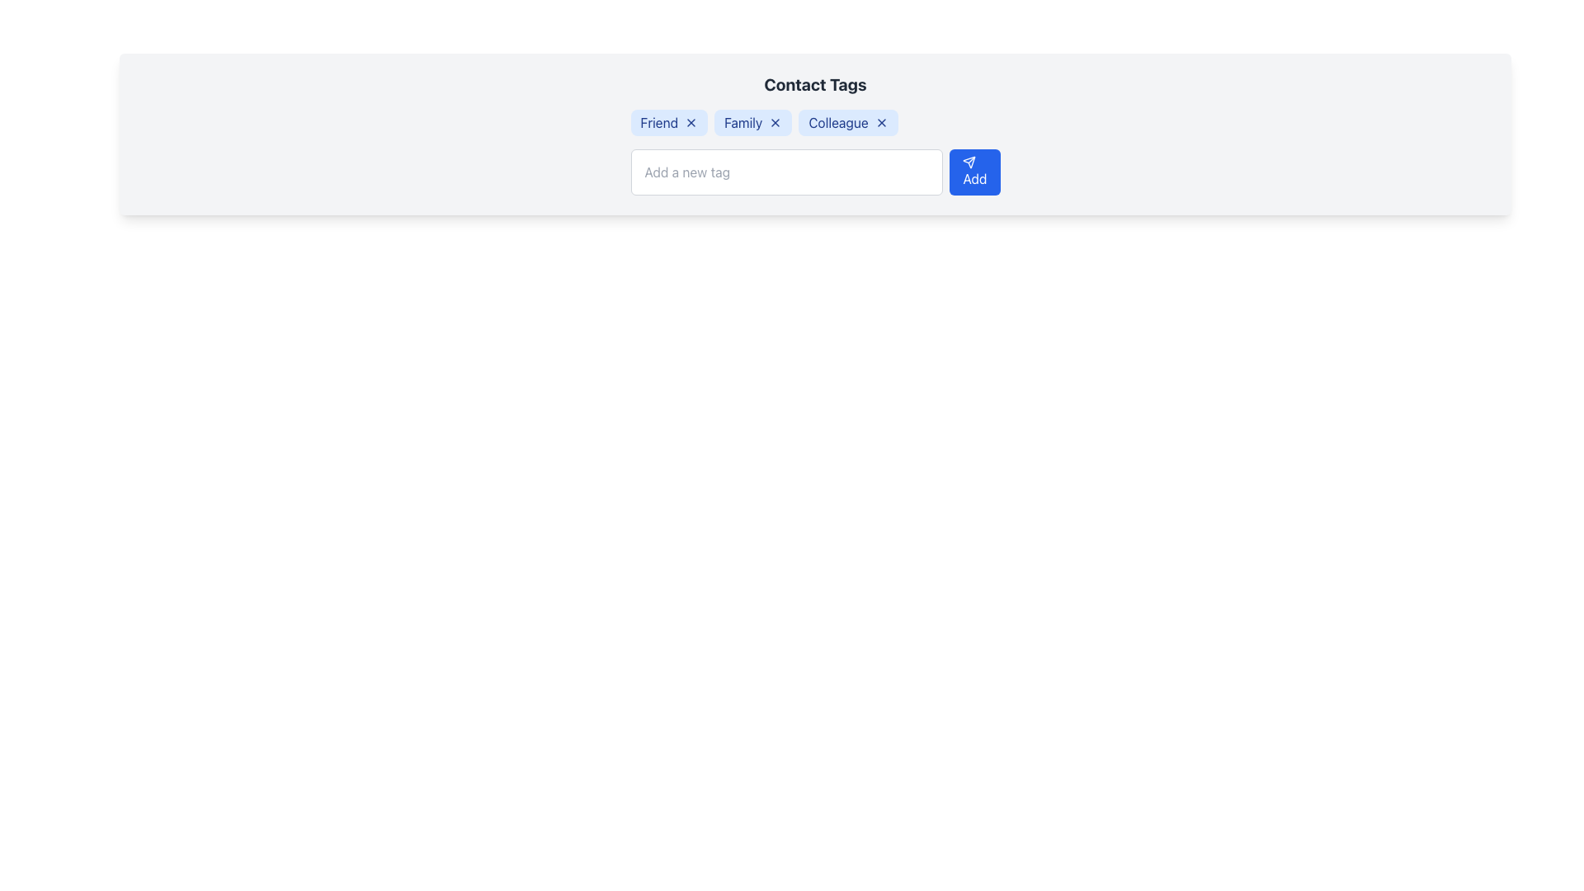 The height and width of the screenshot is (891, 1584). I want to click on the pill-shaped tag labeled 'Colleague' with blue text and a light blue background, which is the third tag among 'Friend,' 'Family,' and 'Colleague.', so click(848, 122).